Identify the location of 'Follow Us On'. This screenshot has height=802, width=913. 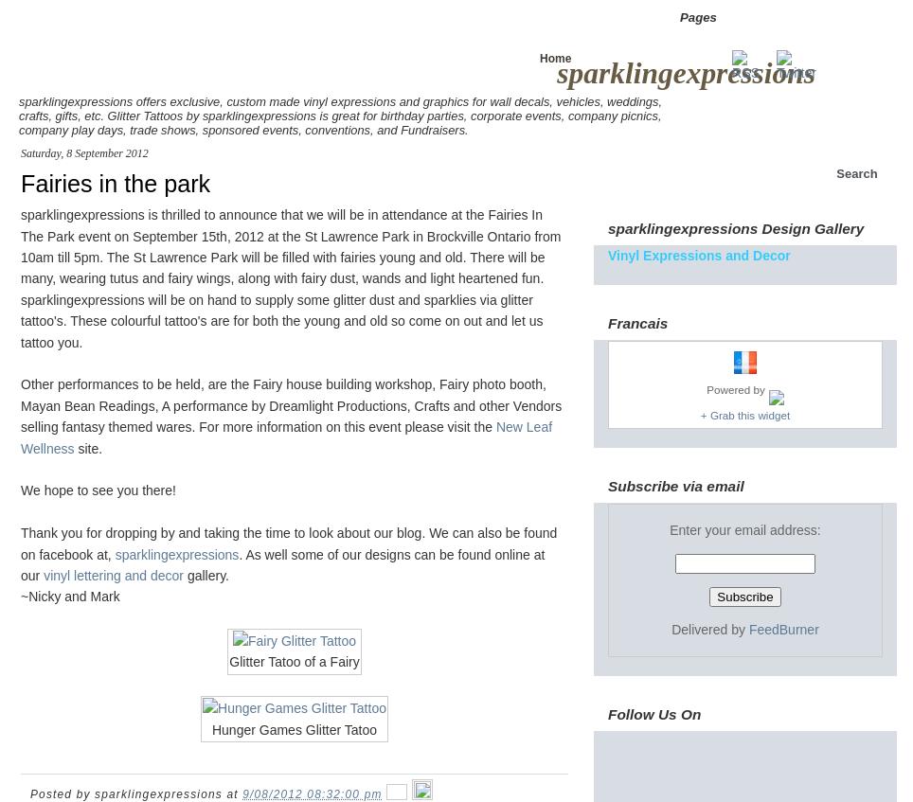
(653, 712).